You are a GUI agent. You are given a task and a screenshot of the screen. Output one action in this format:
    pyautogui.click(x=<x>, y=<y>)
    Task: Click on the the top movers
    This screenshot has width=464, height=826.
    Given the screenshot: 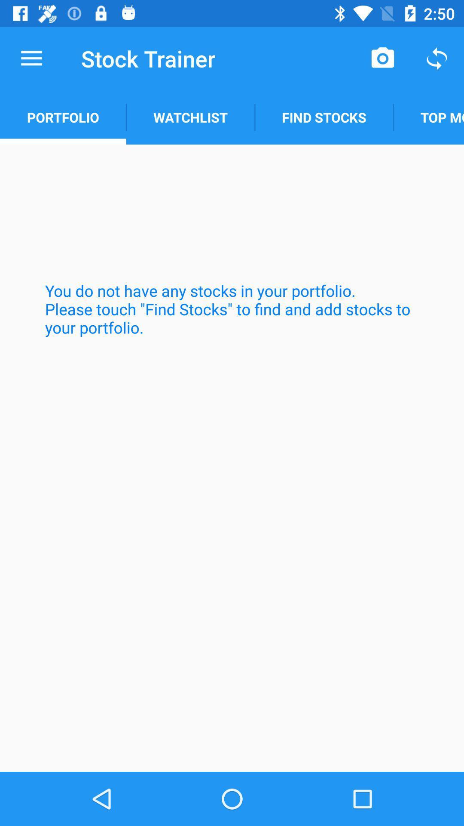 What is the action you would take?
    pyautogui.click(x=428, y=117)
    